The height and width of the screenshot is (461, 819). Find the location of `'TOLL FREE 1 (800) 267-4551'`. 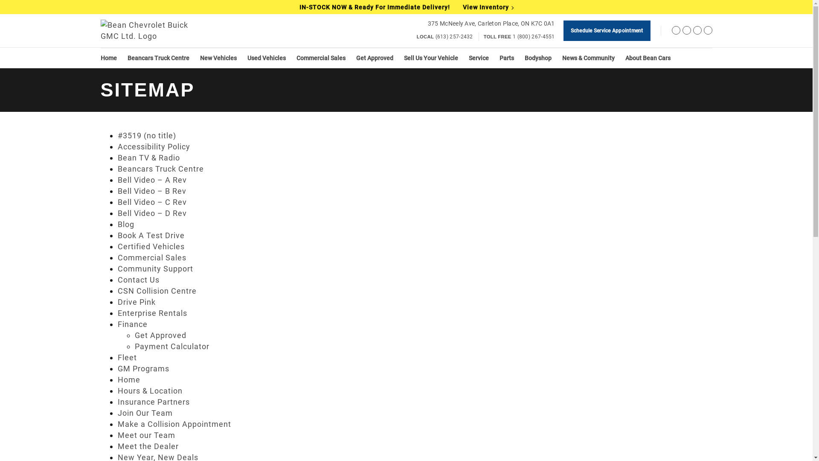

'TOLL FREE 1 (800) 267-4551' is located at coordinates (519, 36).